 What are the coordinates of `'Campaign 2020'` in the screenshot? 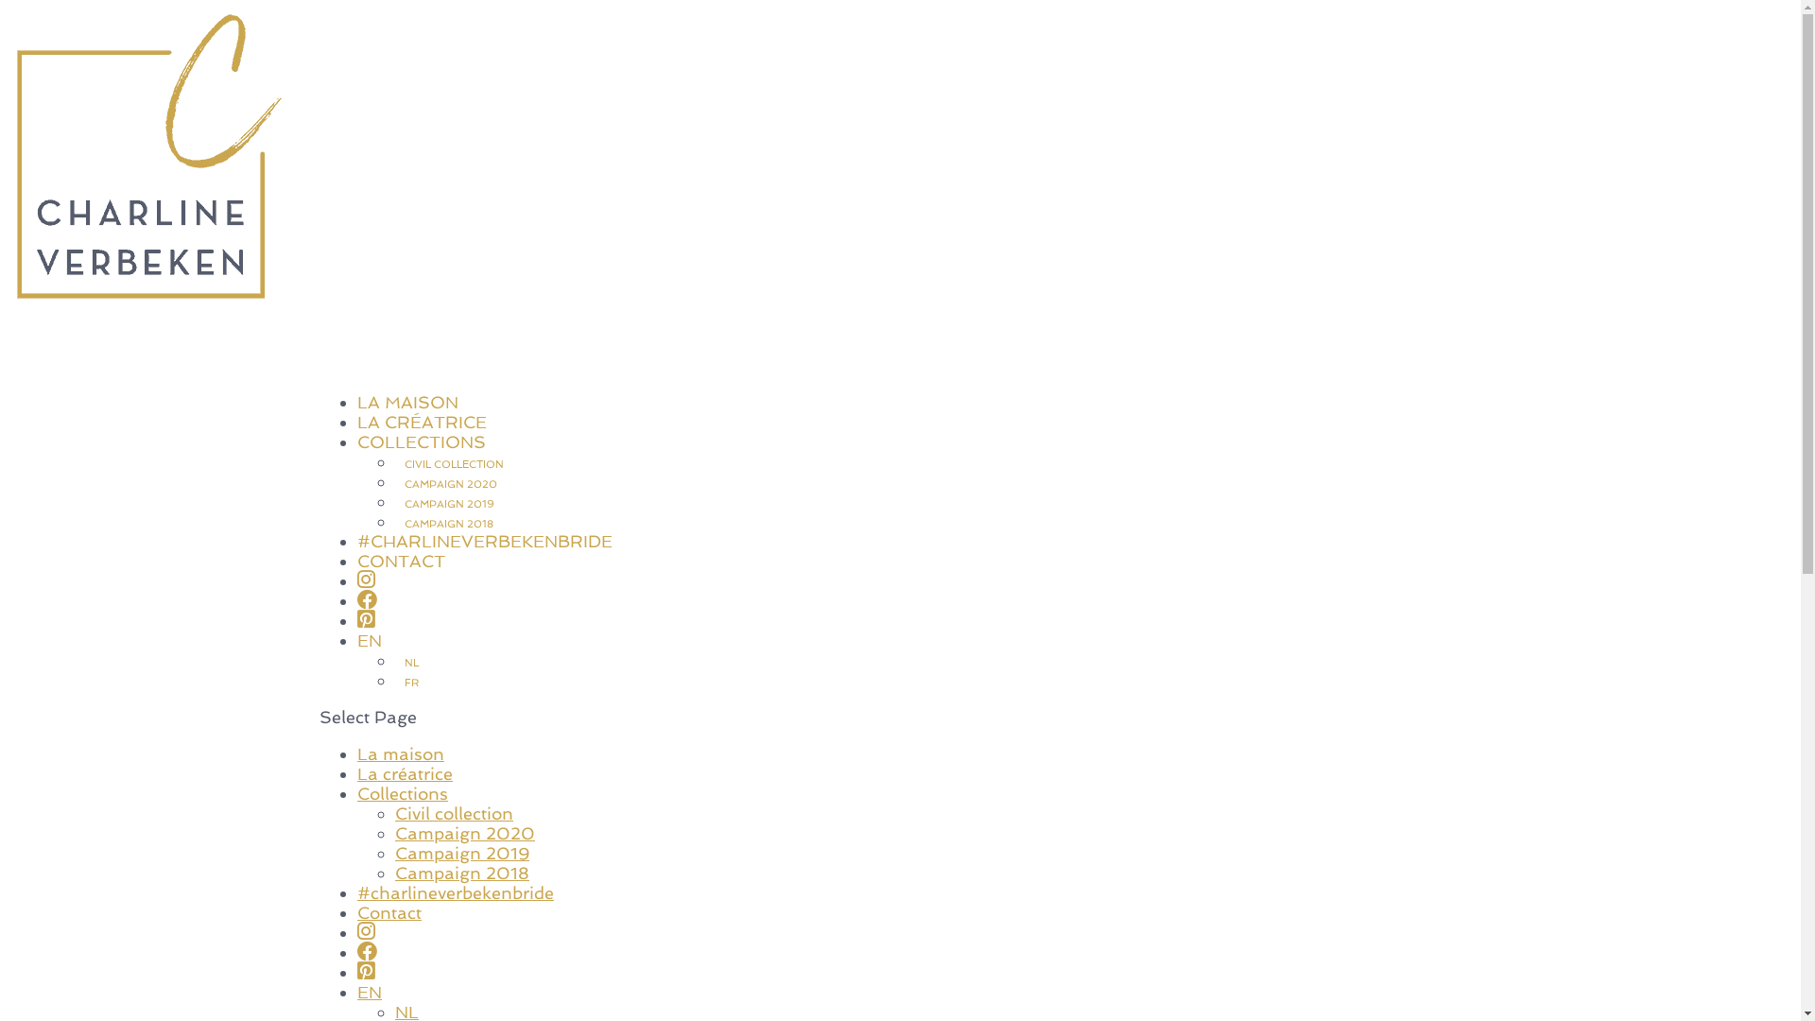 It's located at (464, 832).